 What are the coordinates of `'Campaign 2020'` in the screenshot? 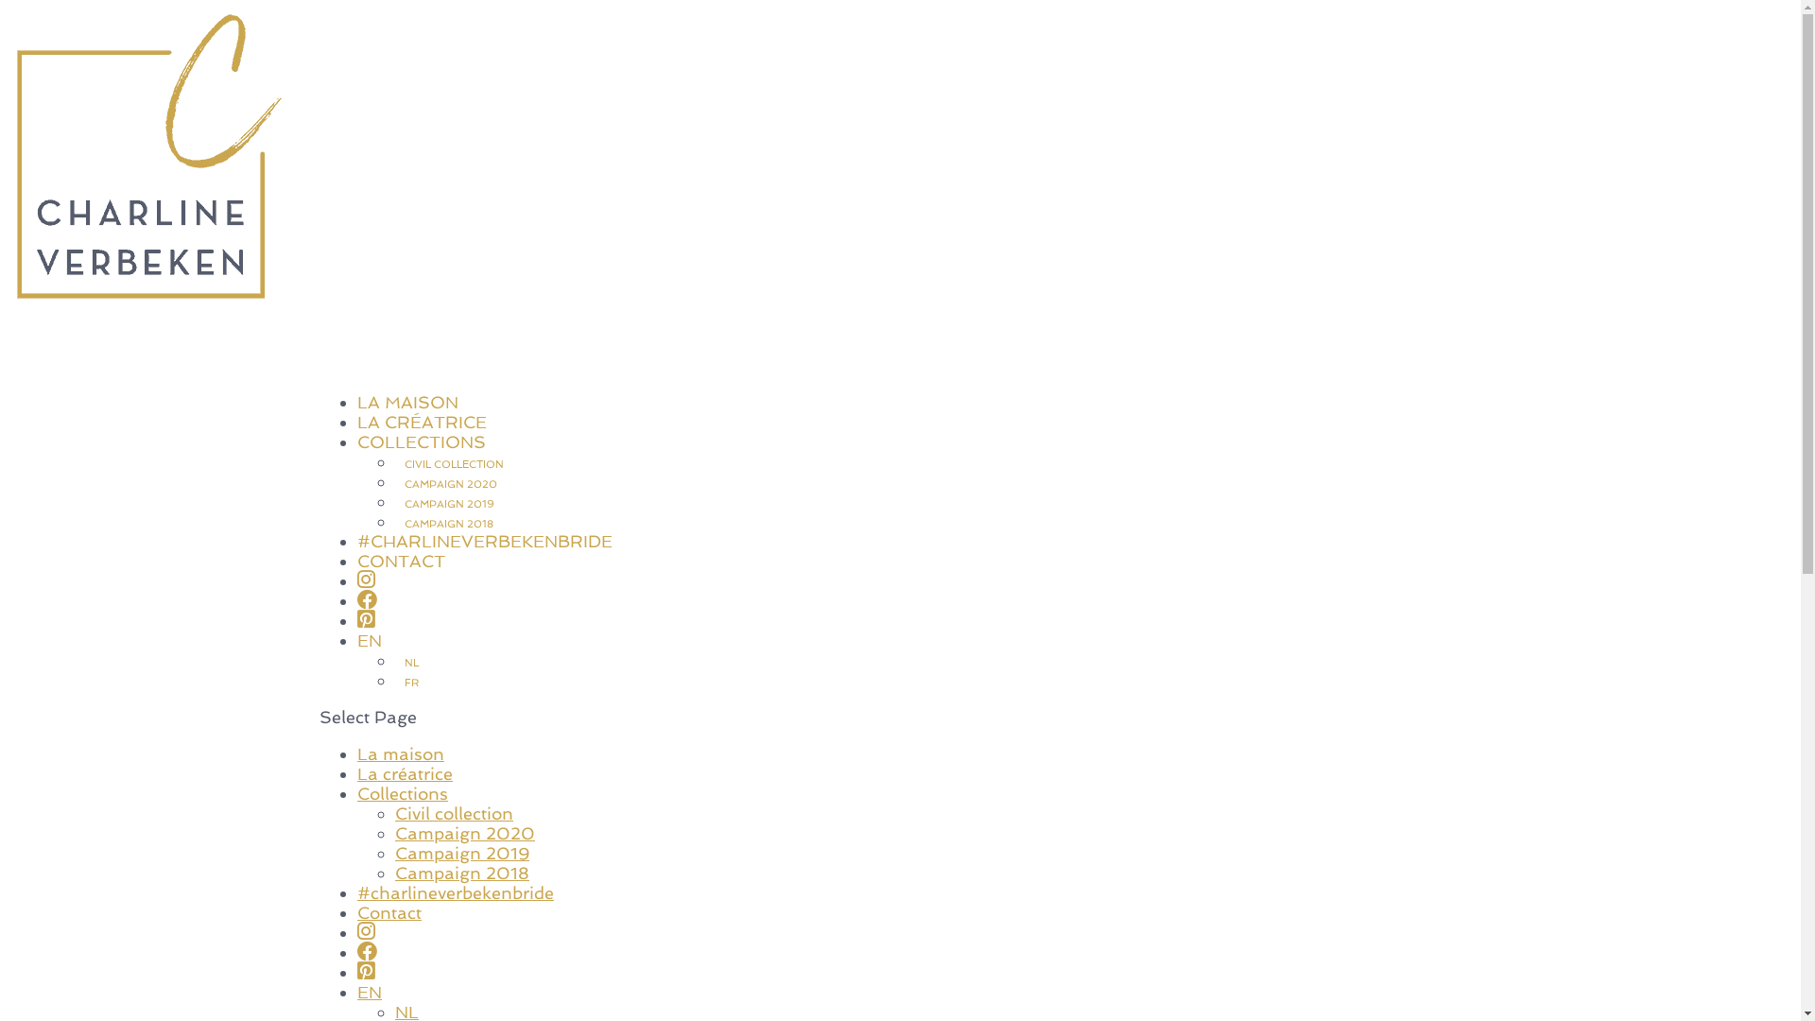 It's located at (464, 832).